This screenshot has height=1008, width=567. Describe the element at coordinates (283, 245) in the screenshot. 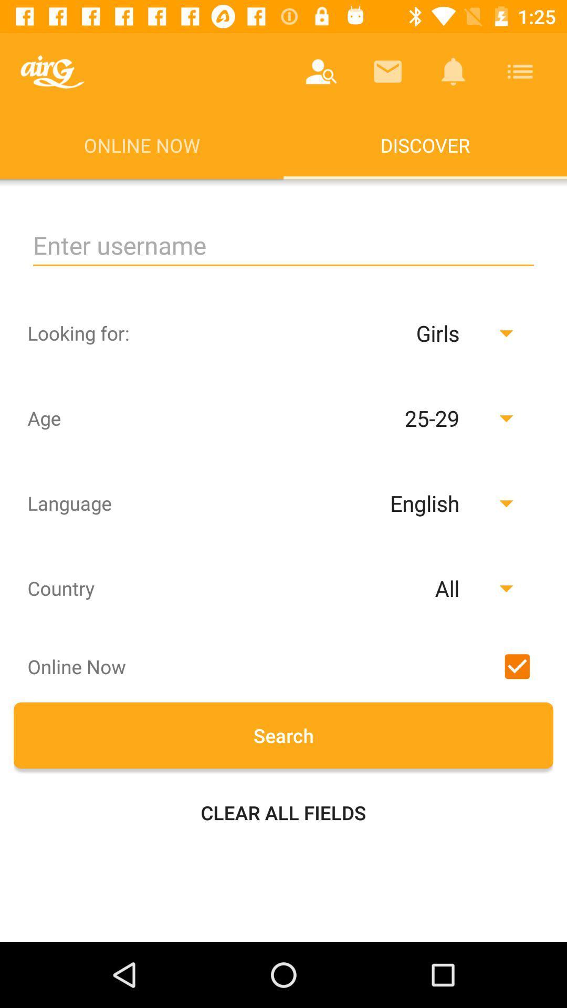

I see `icon above the girls` at that location.